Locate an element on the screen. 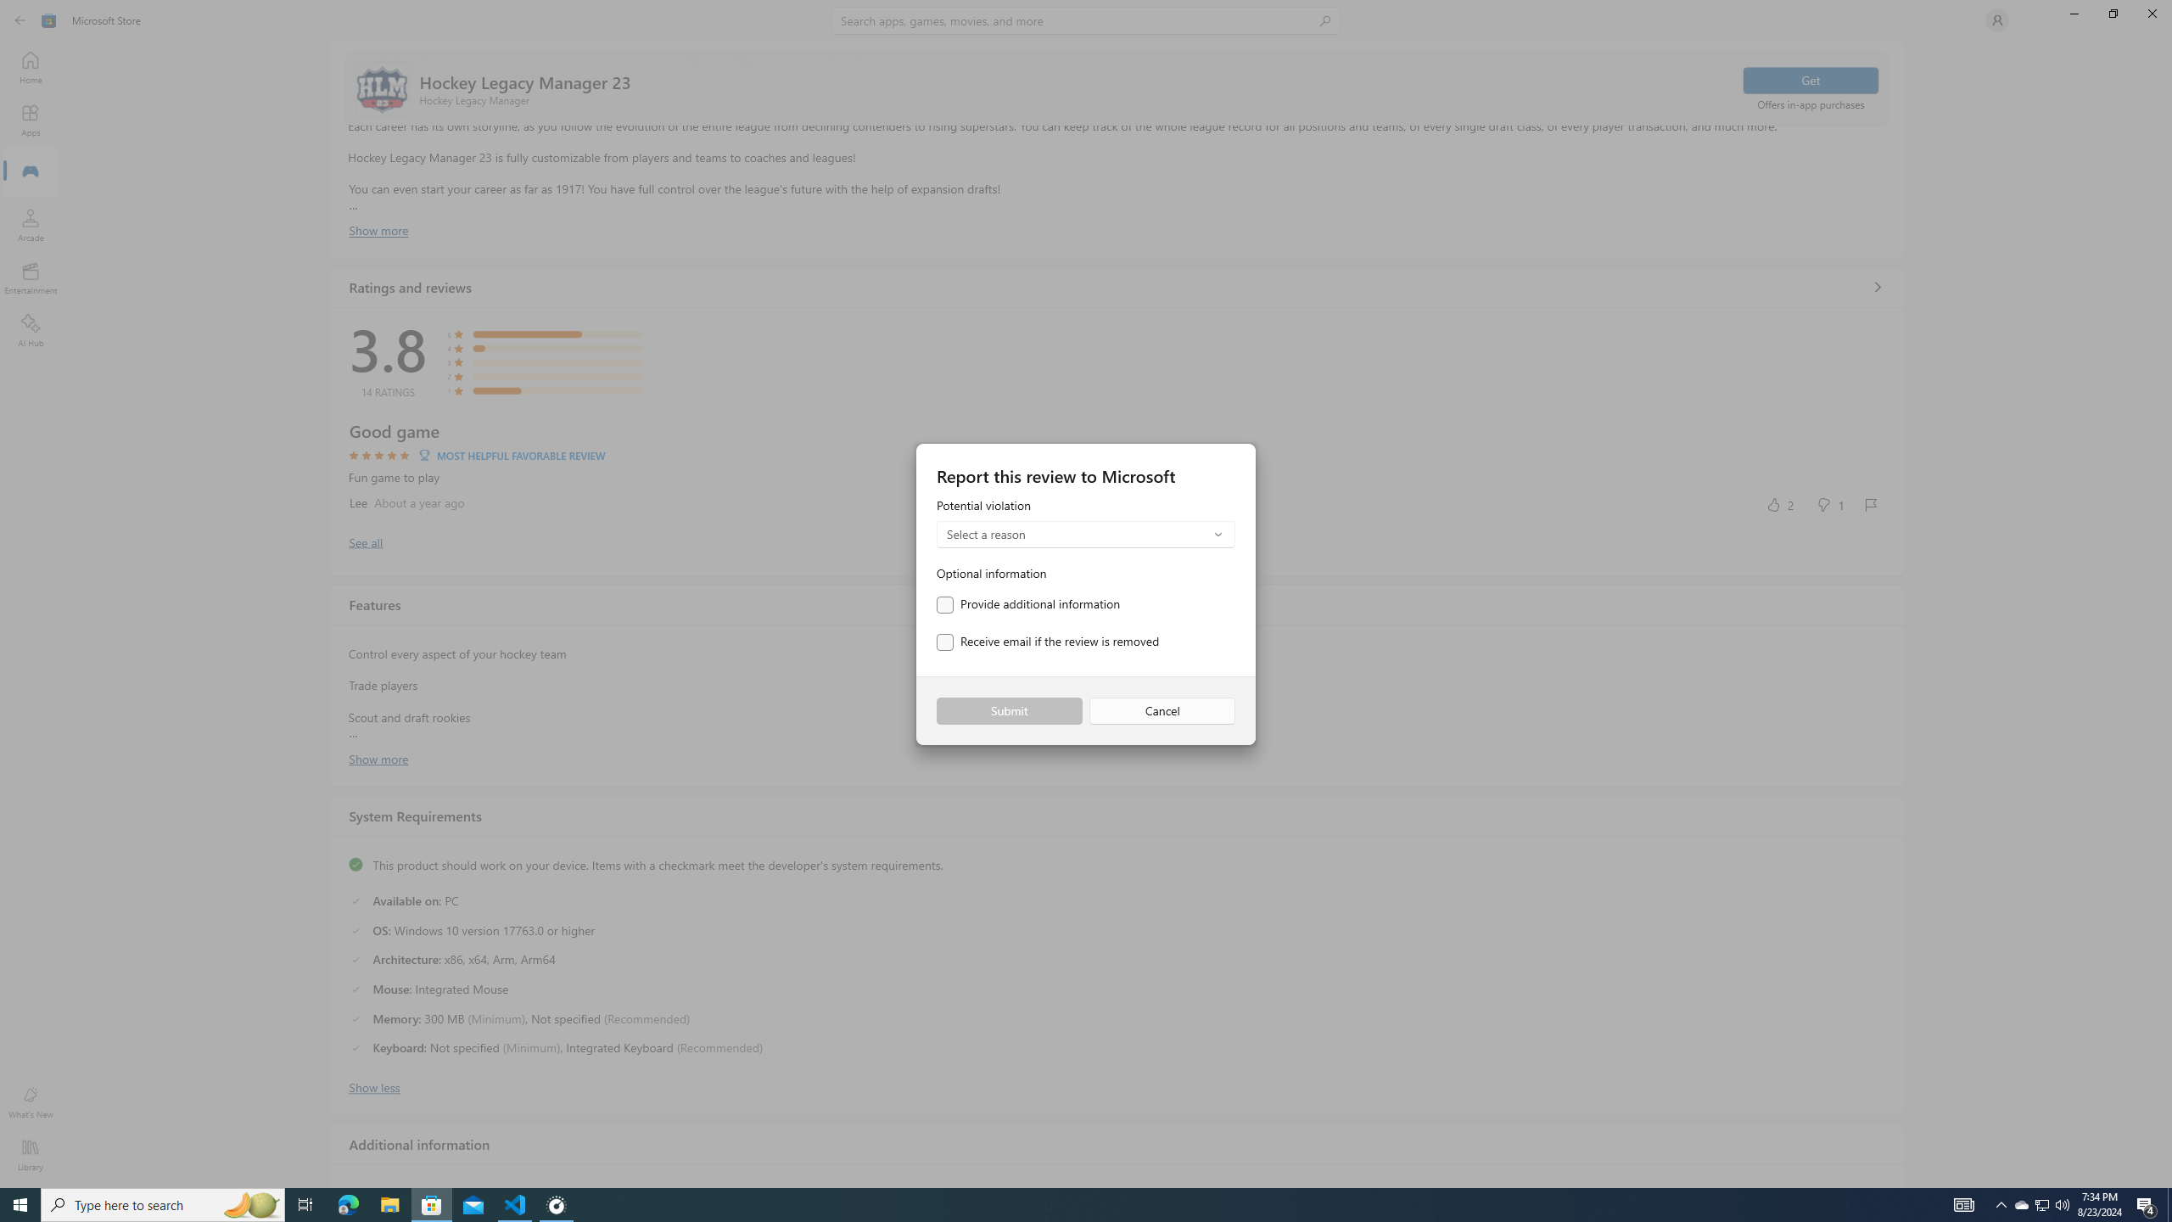 Image resolution: width=2172 pixels, height=1222 pixels. 'Cancel' is located at coordinates (1162, 711).